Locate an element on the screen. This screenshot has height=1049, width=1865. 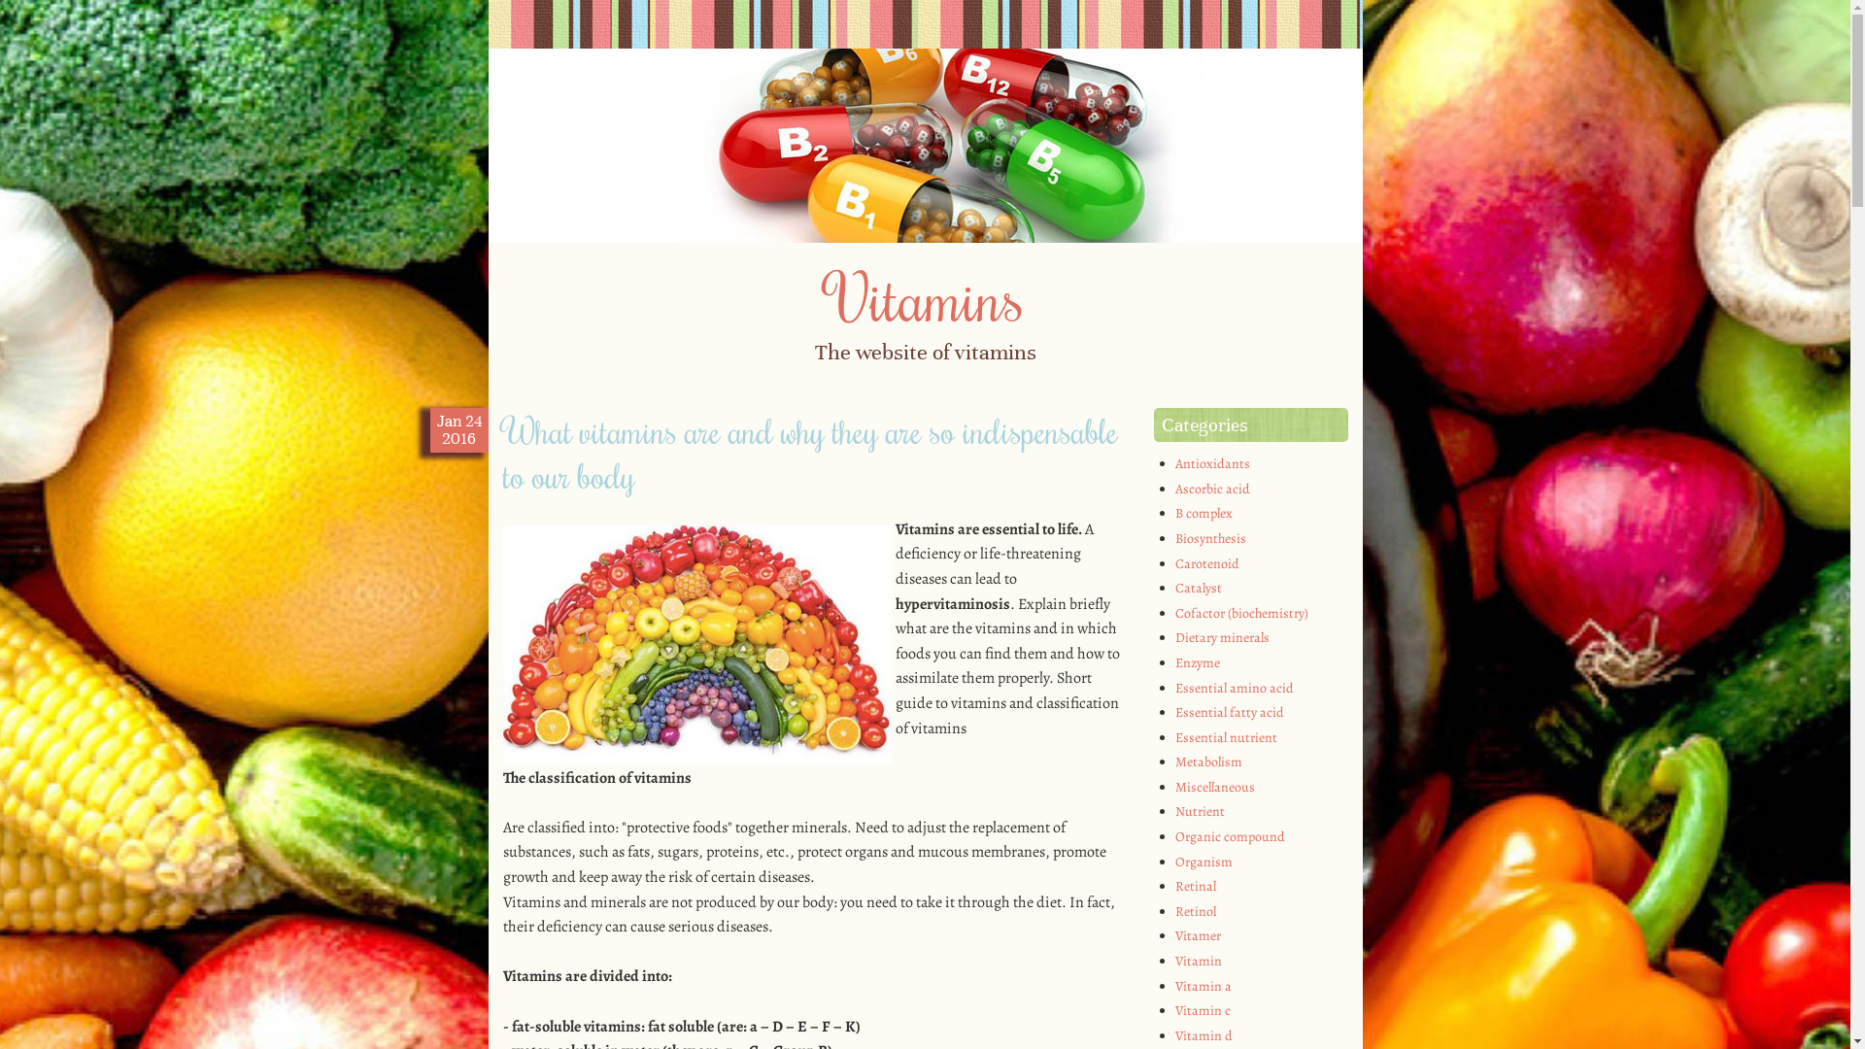
'Ascorbic acid' is located at coordinates (1211, 488).